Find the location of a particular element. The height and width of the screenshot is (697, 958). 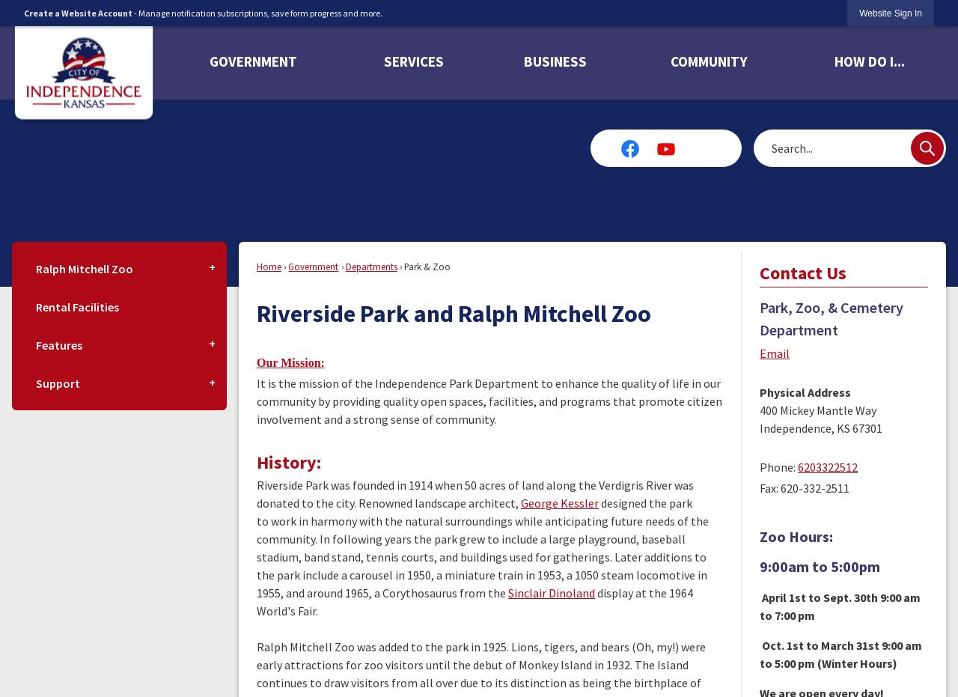

'designed the park to work in harmony with the natural surroundings while anticipating future needs of the community. In following years the park grew to include a large playground, baseball stadium, band stand, tennis courts, and buildings used for gatherings. Later additions to the park include a carousel in 1950, a miniature train in 1953, a 1050 steam locomotive in 1955, and around 1965, a Corythosaurus from the' is located at coordinates (482, 548).